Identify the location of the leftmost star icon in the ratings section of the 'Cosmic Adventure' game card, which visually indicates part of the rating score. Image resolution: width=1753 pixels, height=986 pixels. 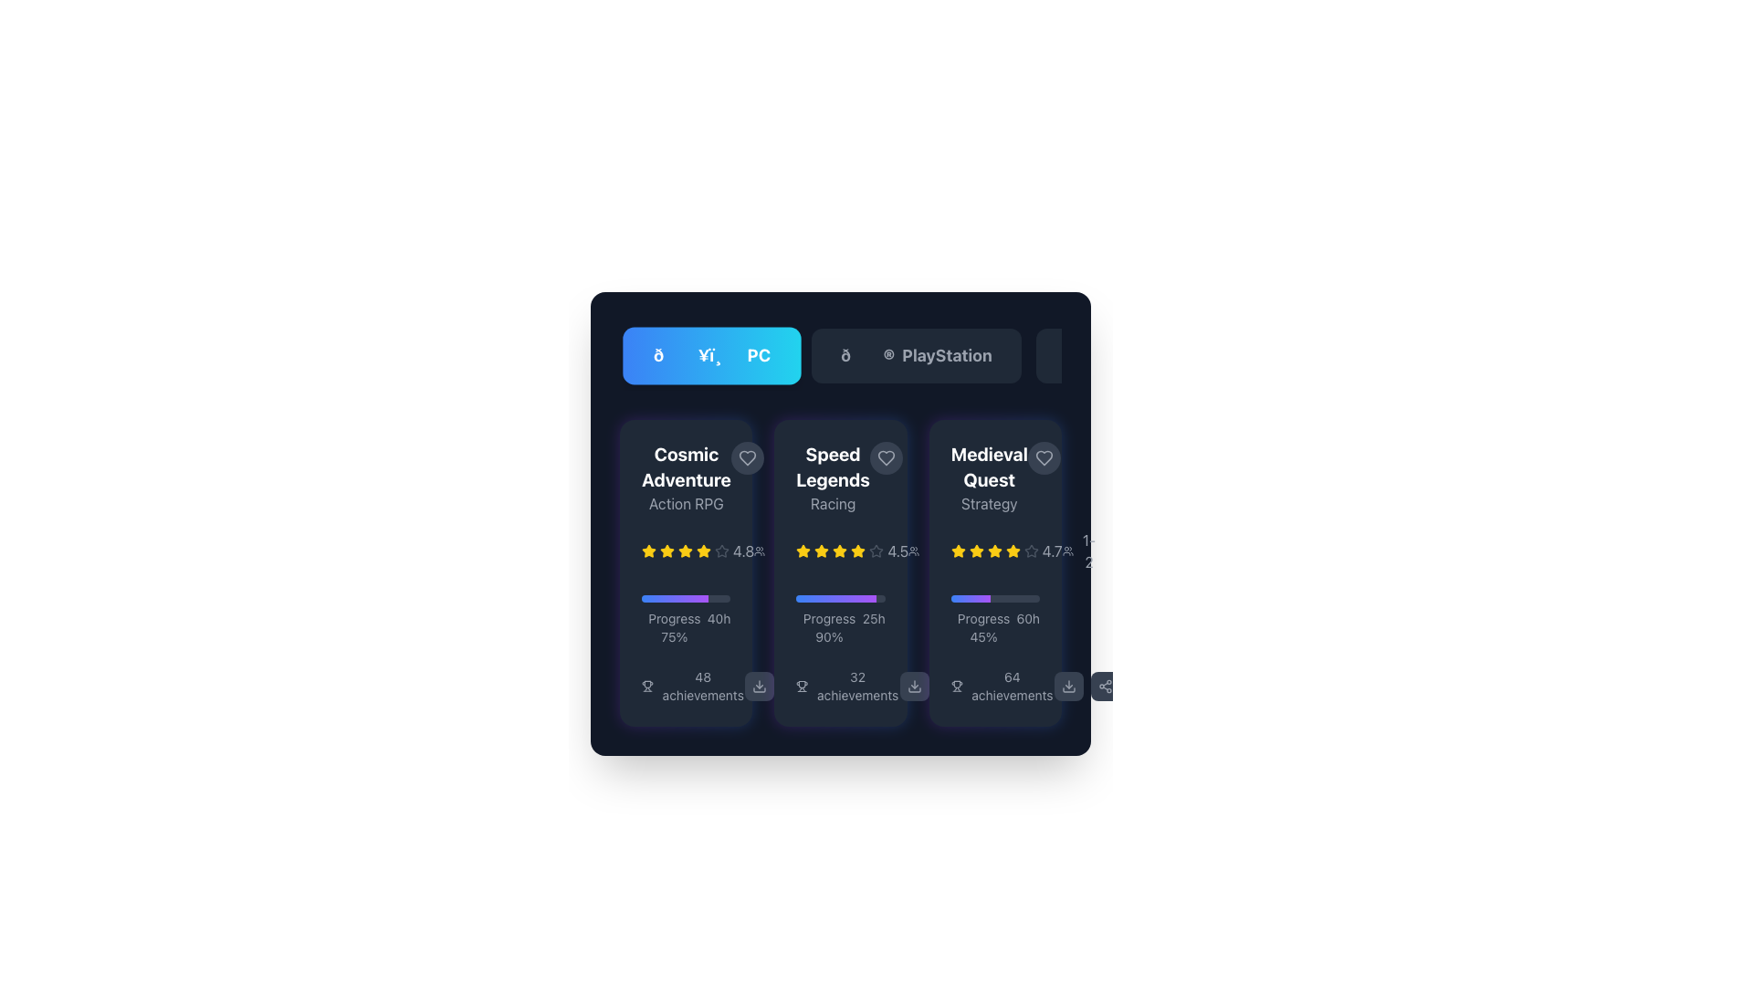
(684, 550).